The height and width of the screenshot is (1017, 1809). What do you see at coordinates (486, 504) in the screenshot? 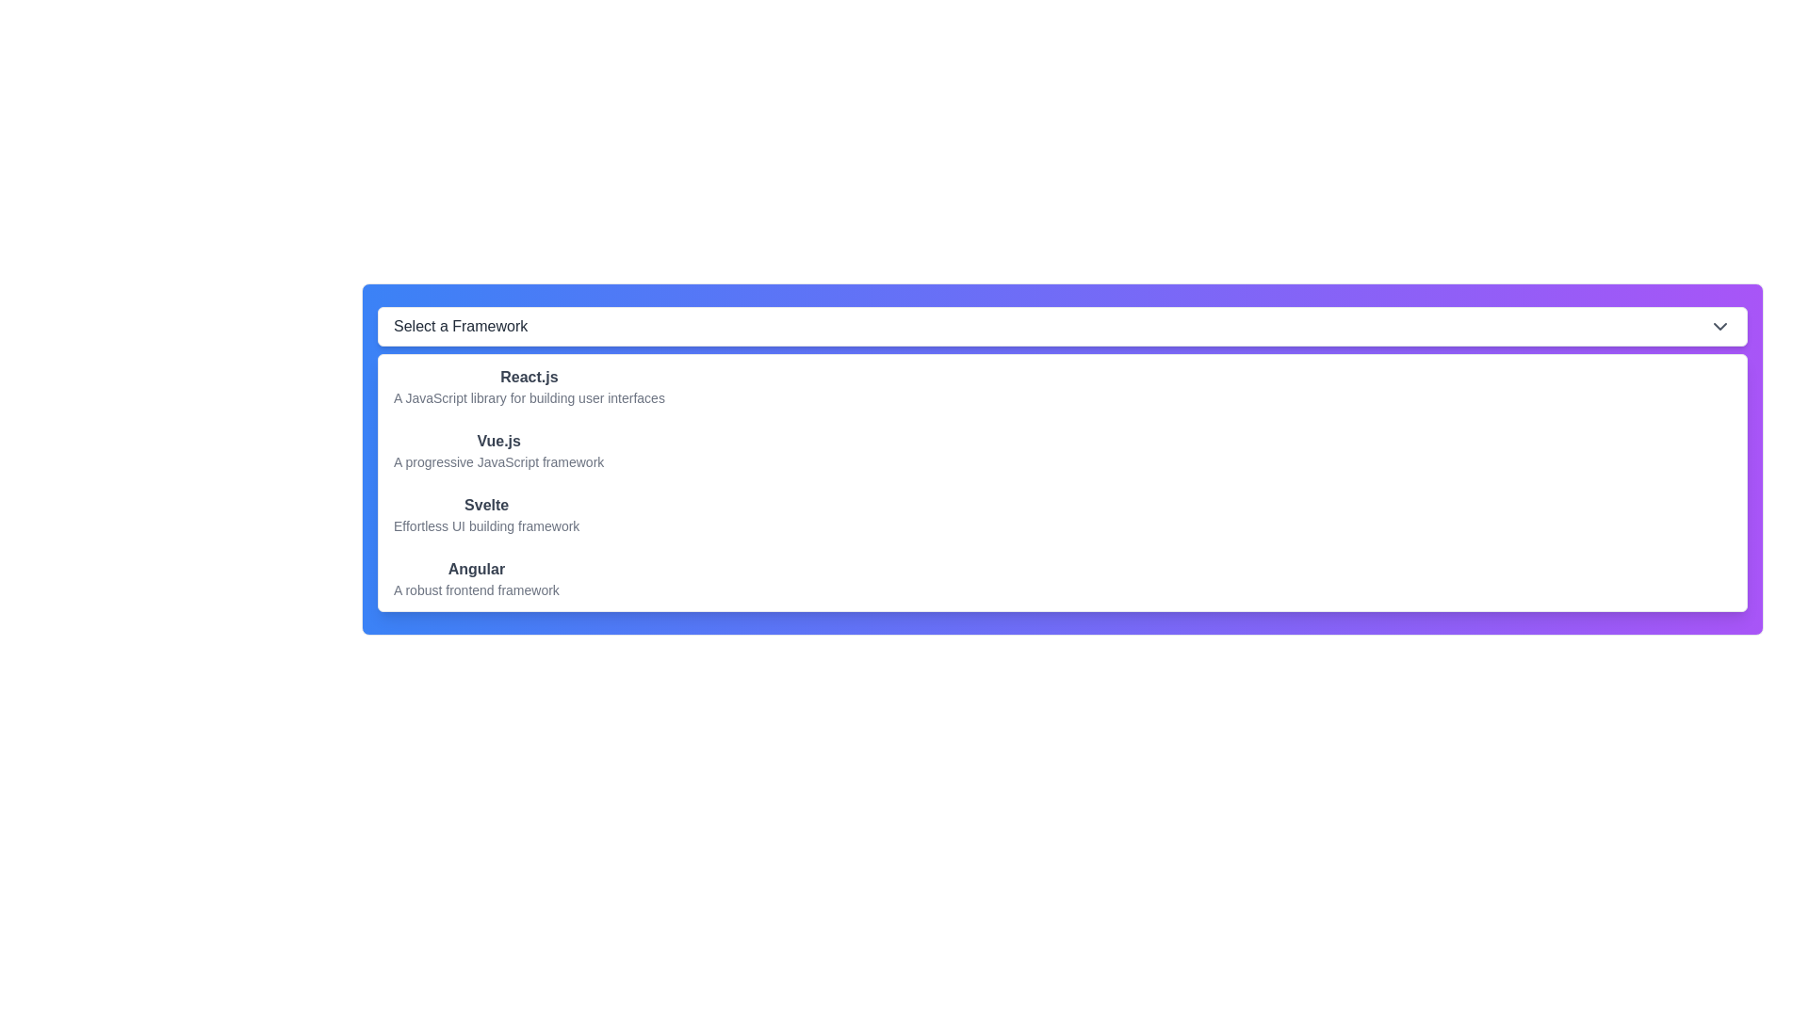
I see `the static text element labeled 'Svelte' in the dropdown menu, which is the bold title of the third item in the list` at bounding box center [486, 504].